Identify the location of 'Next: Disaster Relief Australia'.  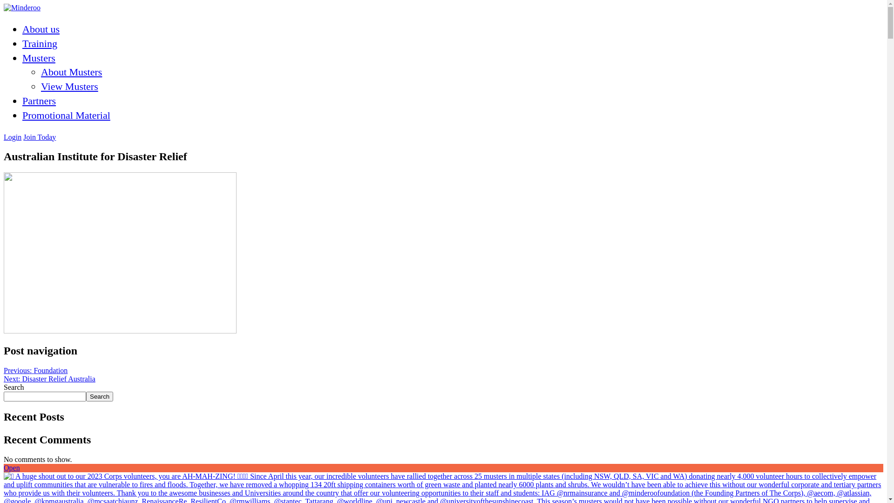
(49, 379).